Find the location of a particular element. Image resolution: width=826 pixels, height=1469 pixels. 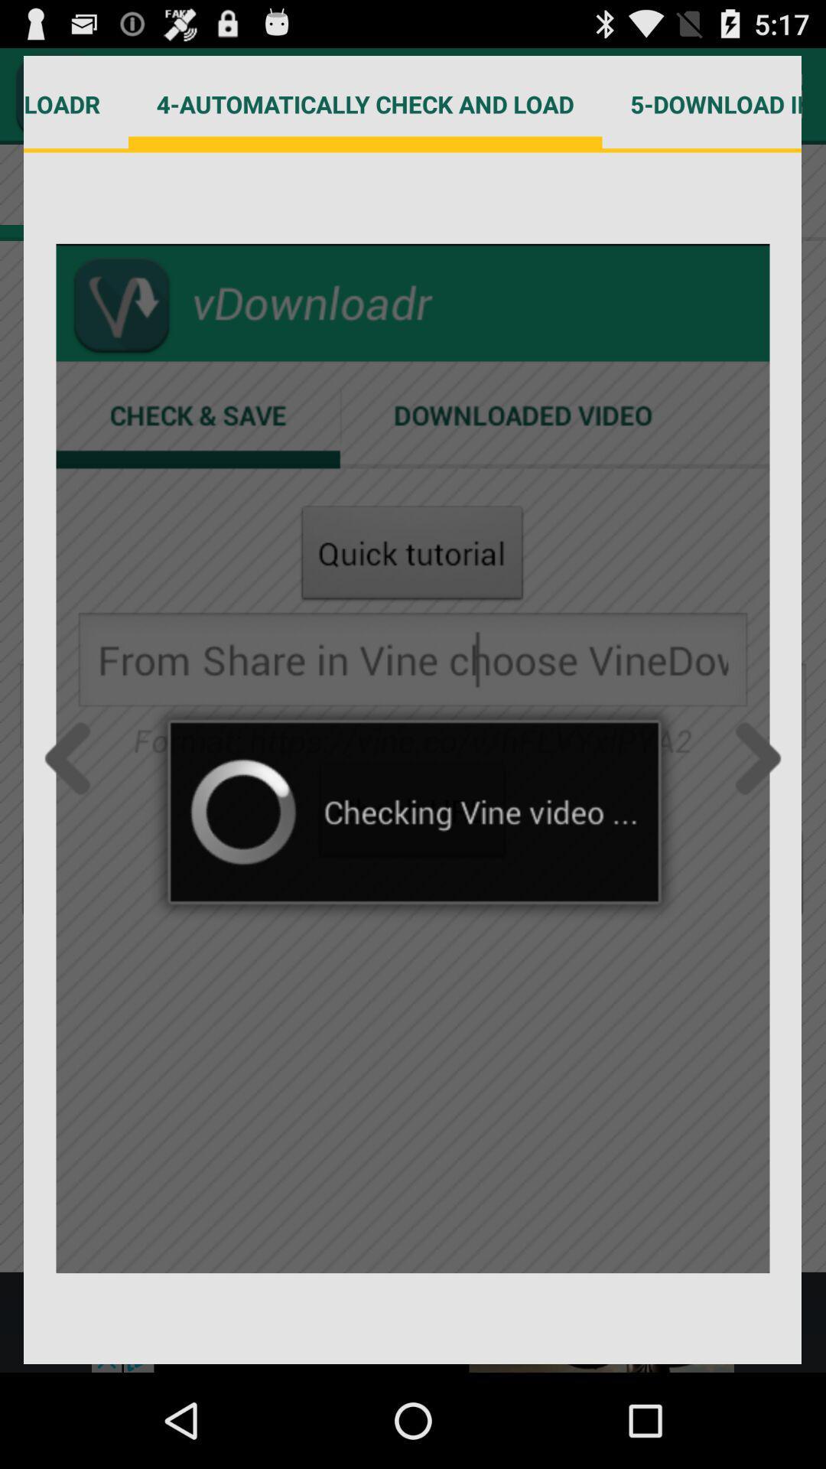

back in gallery is located at coordinates (72, 758).